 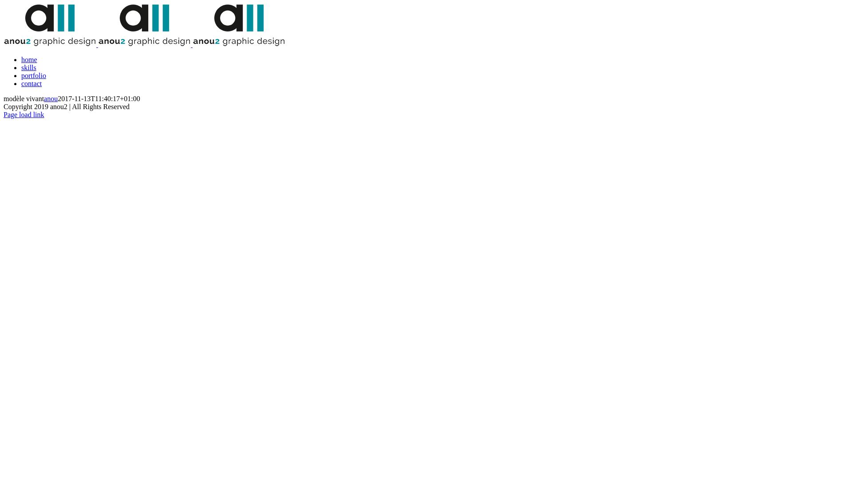 I want to click on 'skills', so click(x=29, y=67).